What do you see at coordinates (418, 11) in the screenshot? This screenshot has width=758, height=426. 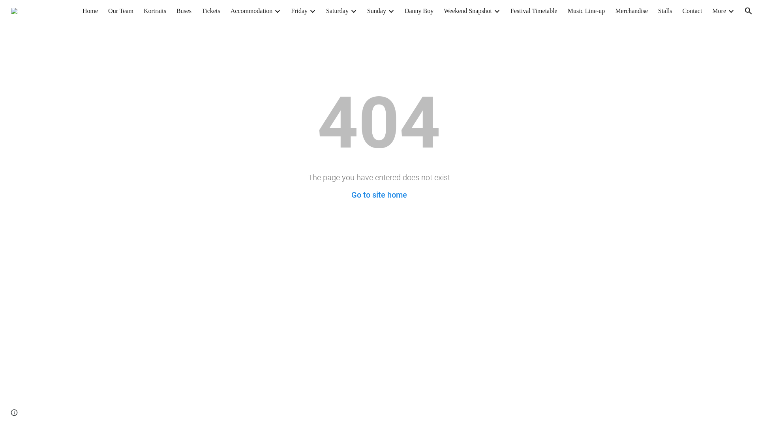 I see `'Danny Boy'` at bounding box center [418, 11].